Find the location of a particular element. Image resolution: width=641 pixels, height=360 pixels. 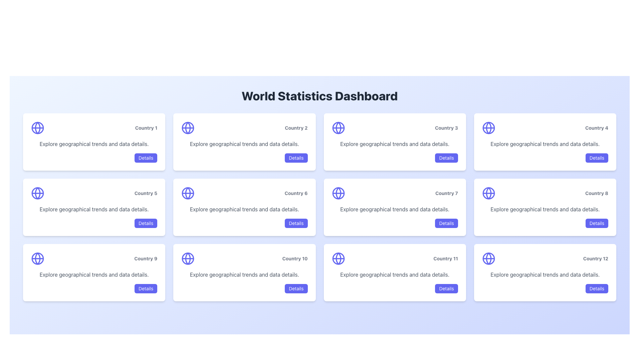

the circular shape within the globe icon associated with the 'Country 2' card, located in the second column of the first row of the layout grid is located at coordinates (188, 128).